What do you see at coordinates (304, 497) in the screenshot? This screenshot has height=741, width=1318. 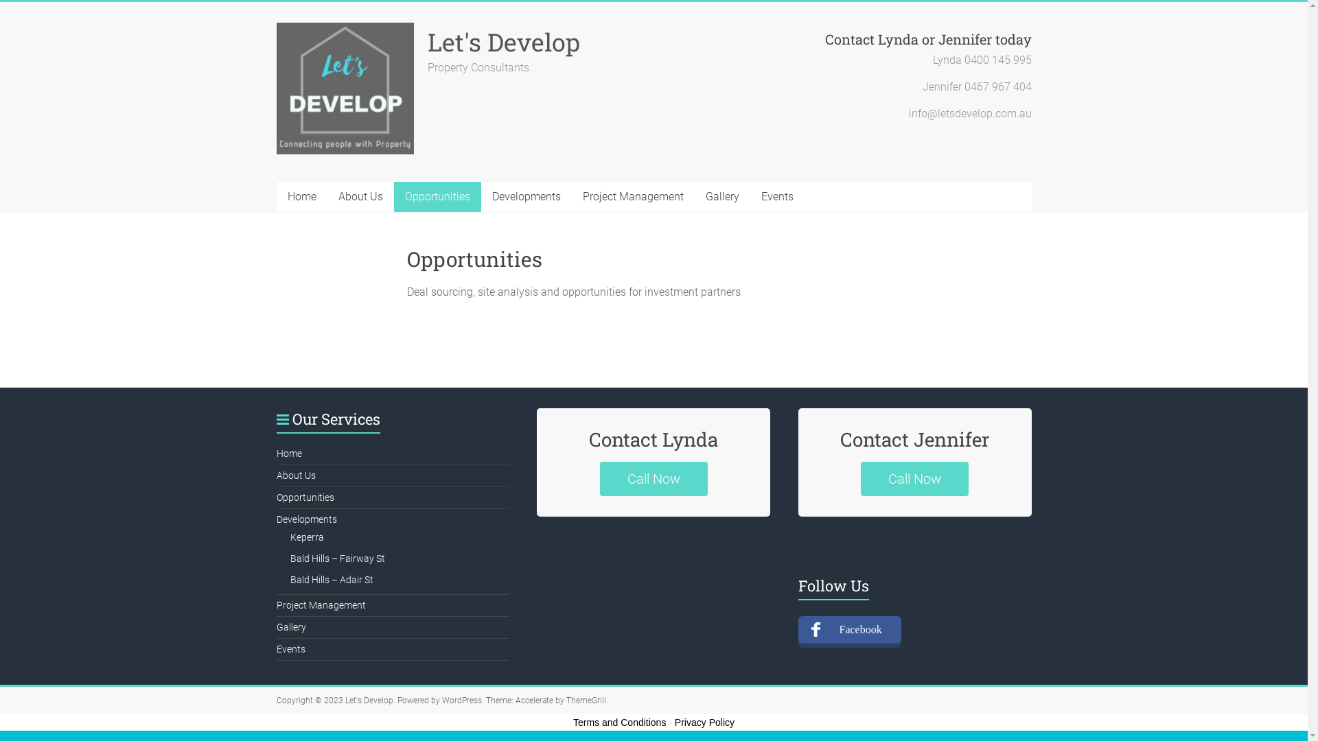 I see `'Opportunities'` at bounding box center [304, 497].